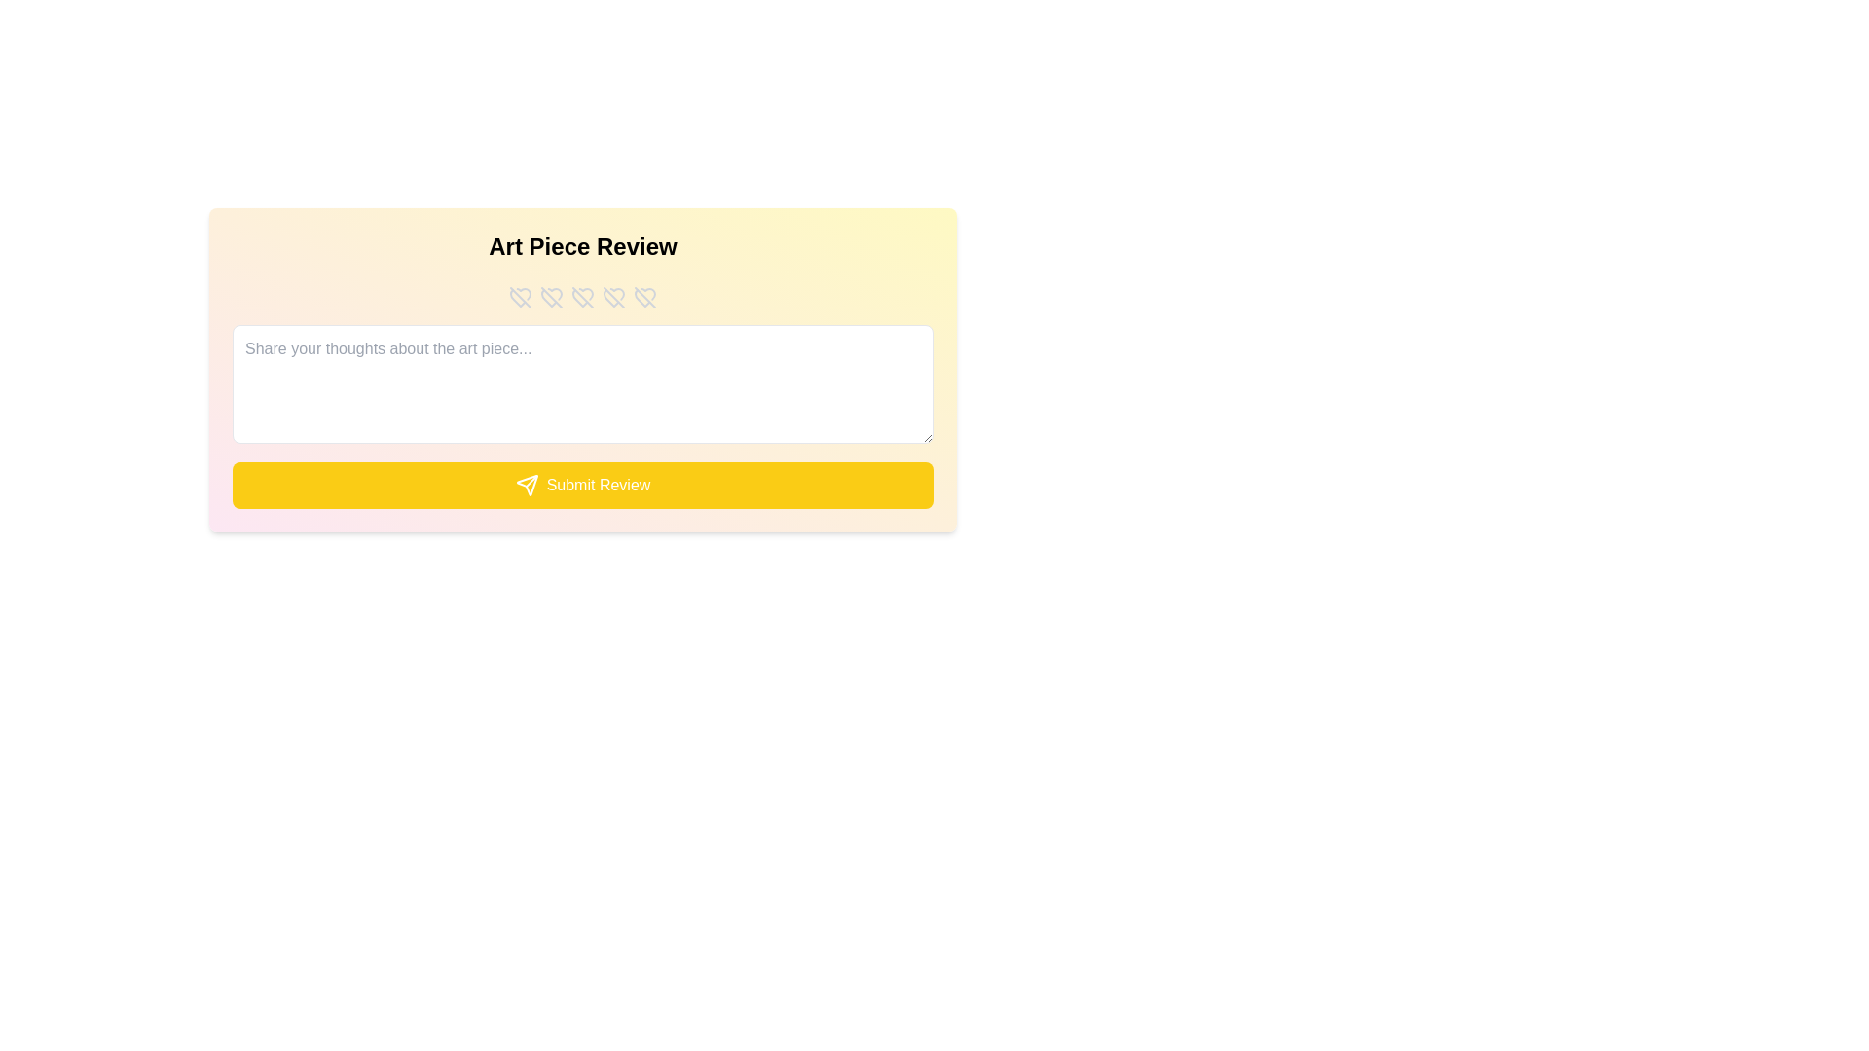  Describe the element at coordinates (644, 297) in the screenshot. I see `the rating to 5 stars by clicking on the respective star button` at that location.